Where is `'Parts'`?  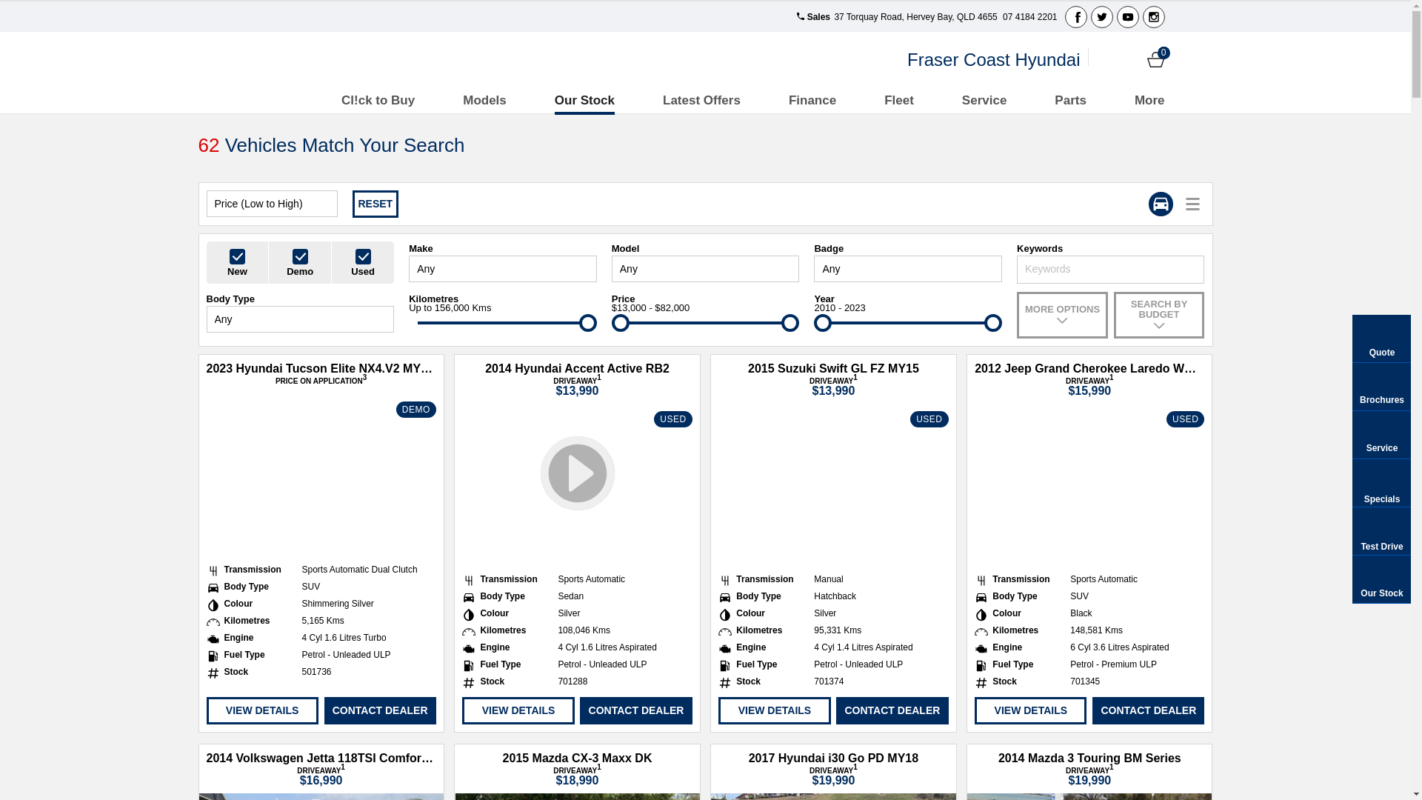
'Parts' is located at coordinates (1070, 100).